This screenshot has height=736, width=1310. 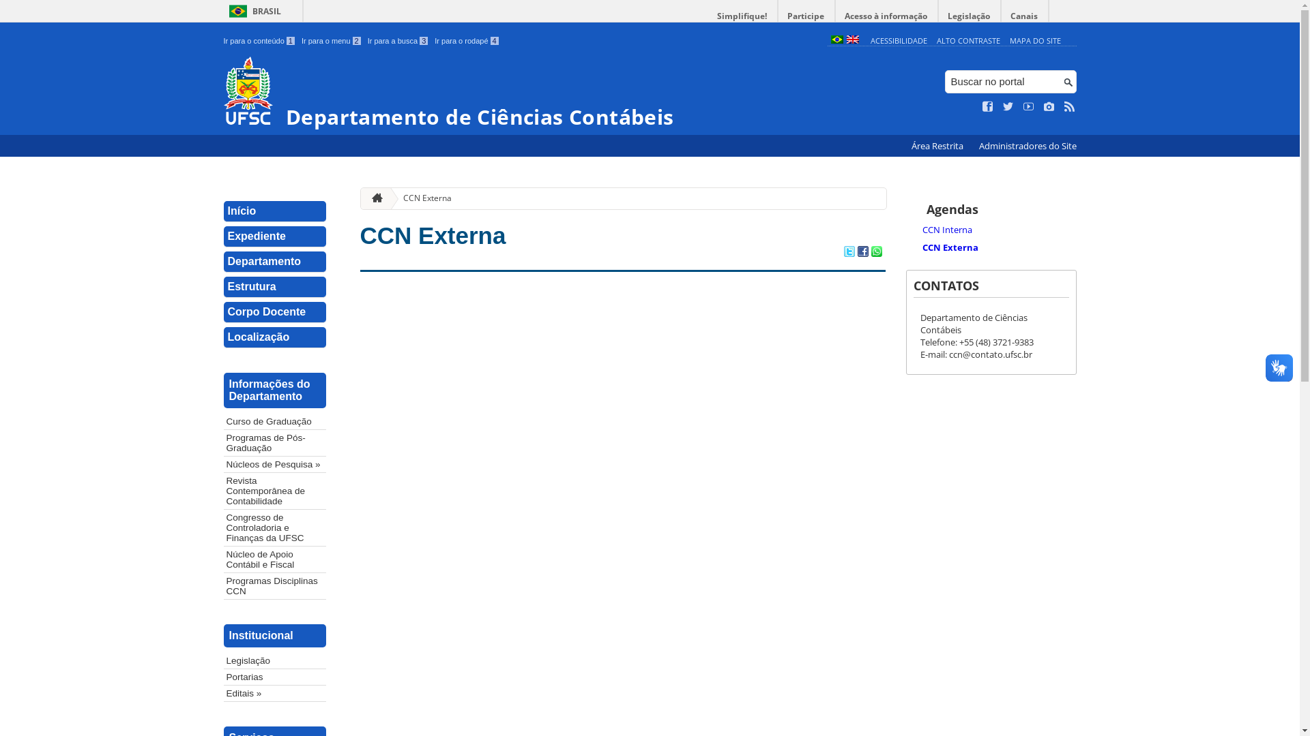 What do you see at coordinates (274, 585) in the screenshot?
I see `'Programas Disciplinas CCN'` at bounding box center [274, 585].